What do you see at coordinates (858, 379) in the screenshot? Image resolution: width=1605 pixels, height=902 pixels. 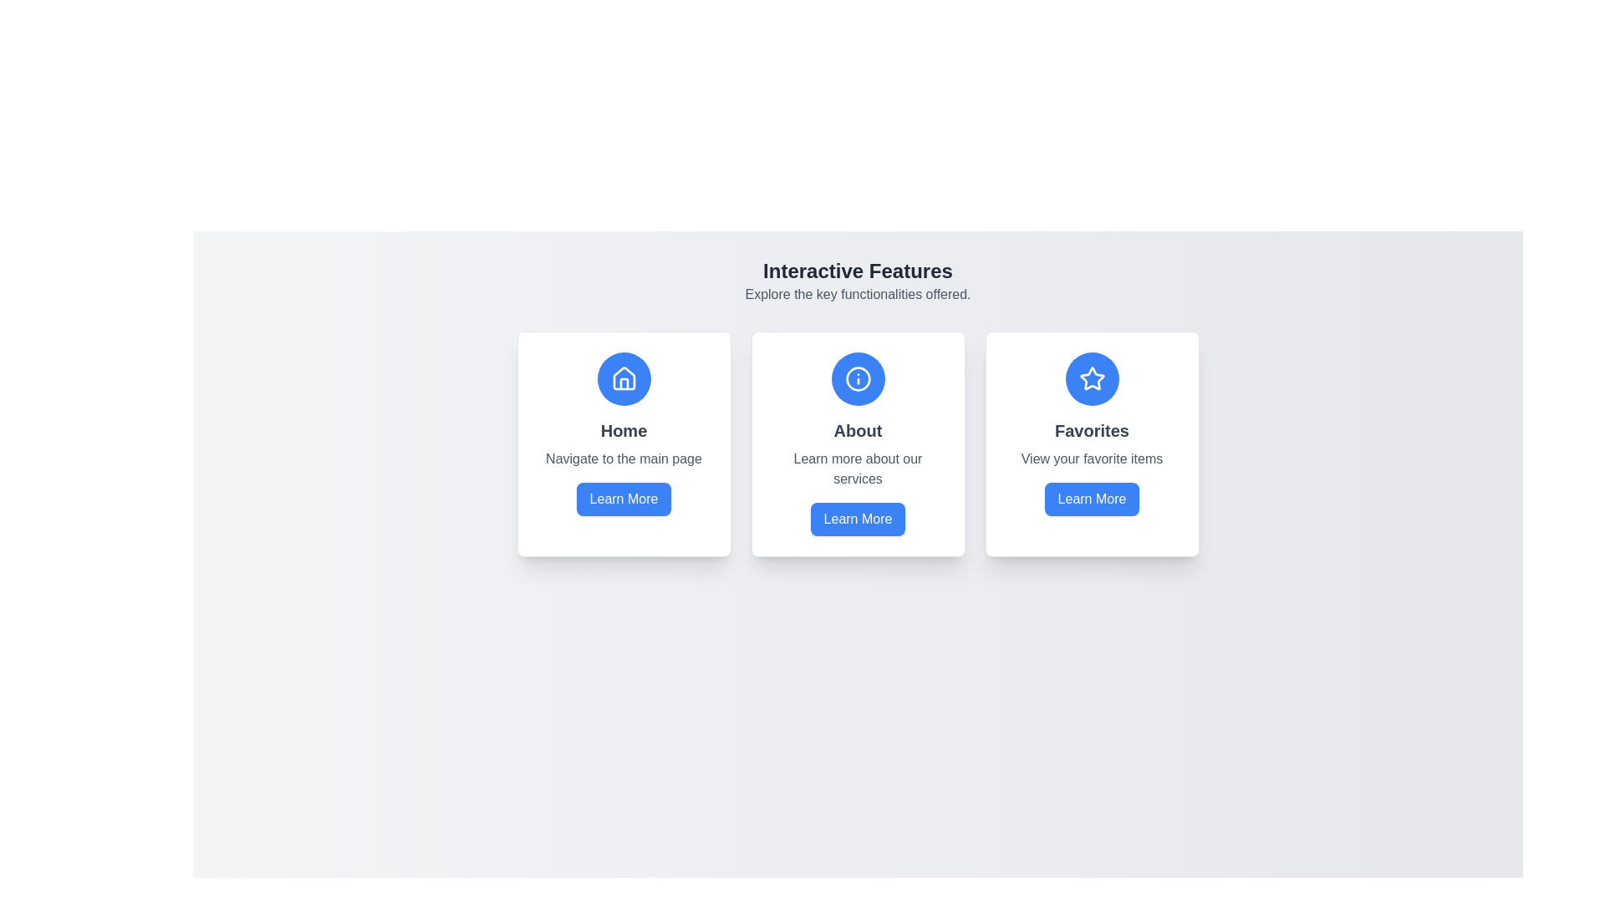 I see `the circular blue icon with a white outlined information symbol located in the center of the 'About' card, which contains the heading 'About' and the text 'Learn more about our services'` at bounding box center [858, 379].